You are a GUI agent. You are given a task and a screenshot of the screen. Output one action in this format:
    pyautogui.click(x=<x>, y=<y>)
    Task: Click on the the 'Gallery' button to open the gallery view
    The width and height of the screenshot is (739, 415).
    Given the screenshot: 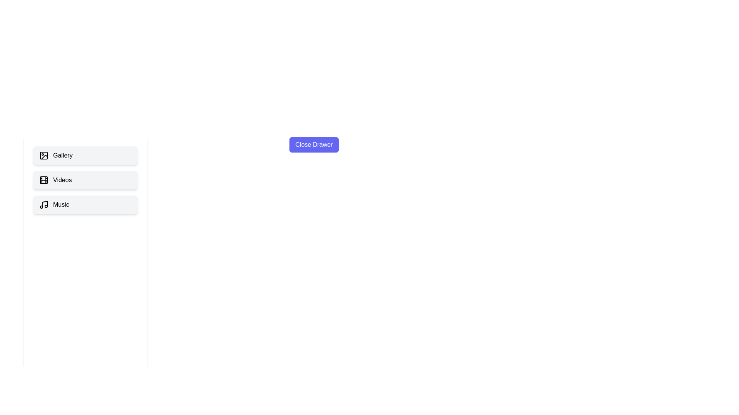 What is the action you would take?
    pyautogui.click(x=85, y=156)
    